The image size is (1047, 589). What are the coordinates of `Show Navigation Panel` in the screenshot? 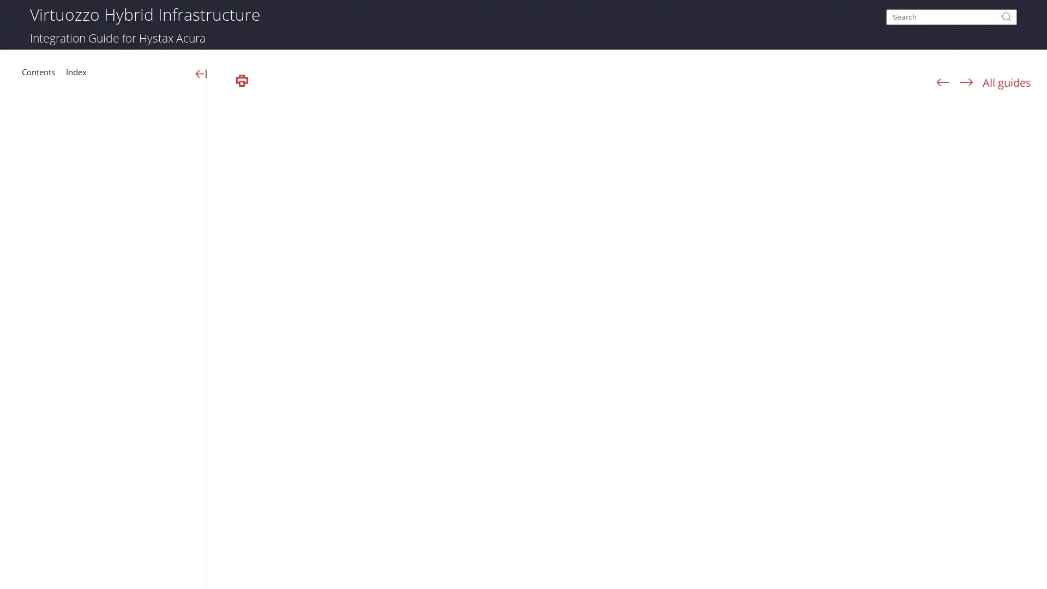 It's located at (201, 74).